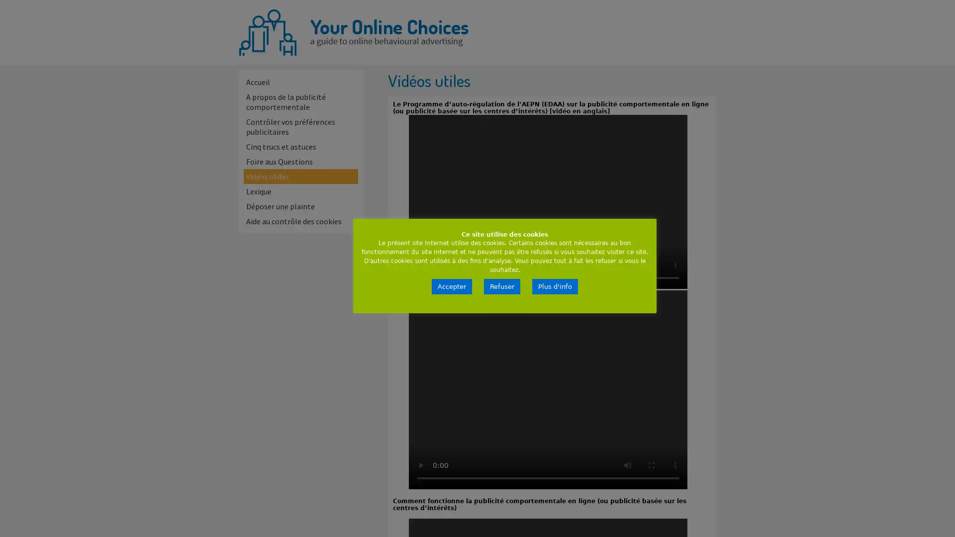 The width and height of the screenshot is (955, 537). What do you see at coordinates (652, 465) in the screenshot?
I see `enter full screen` at bounding box center [652, 465].